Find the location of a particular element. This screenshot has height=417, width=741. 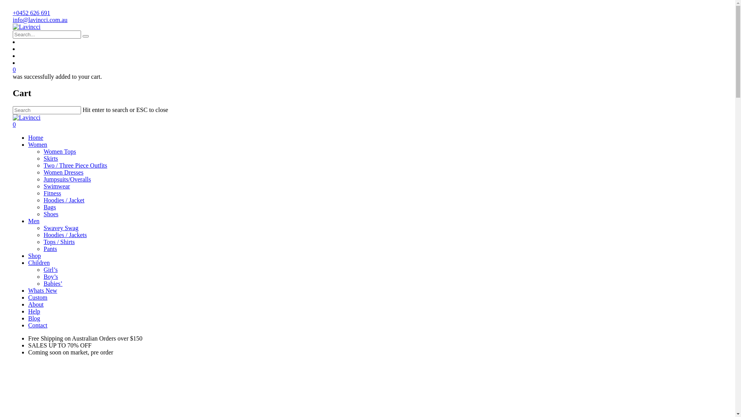

'Hoodies / Jackets' is located at coordinates (65, 234).